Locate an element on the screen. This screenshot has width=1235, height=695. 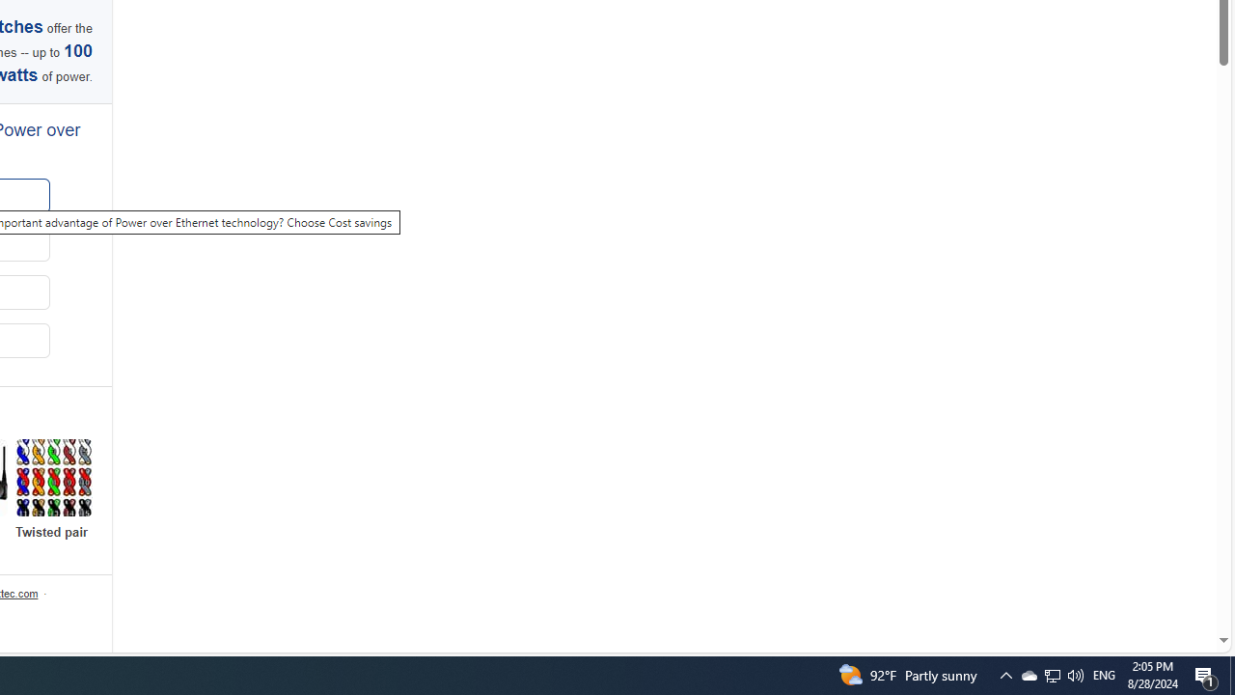
'Twisted pair' is located at coordinates (53, 478).